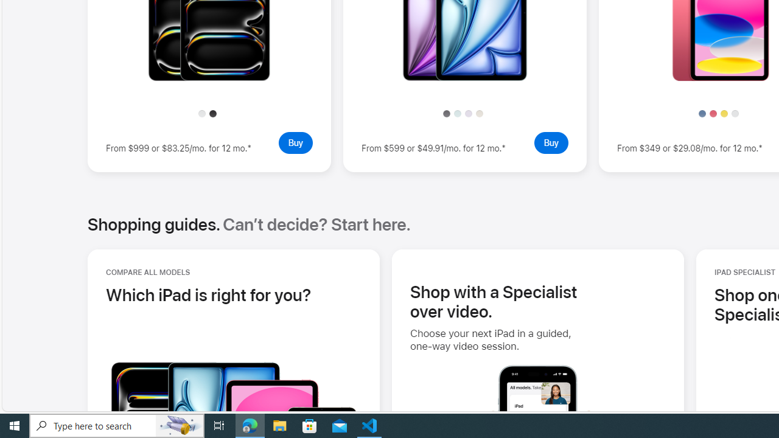  I want to click on 'Purple', so click(467, 113).